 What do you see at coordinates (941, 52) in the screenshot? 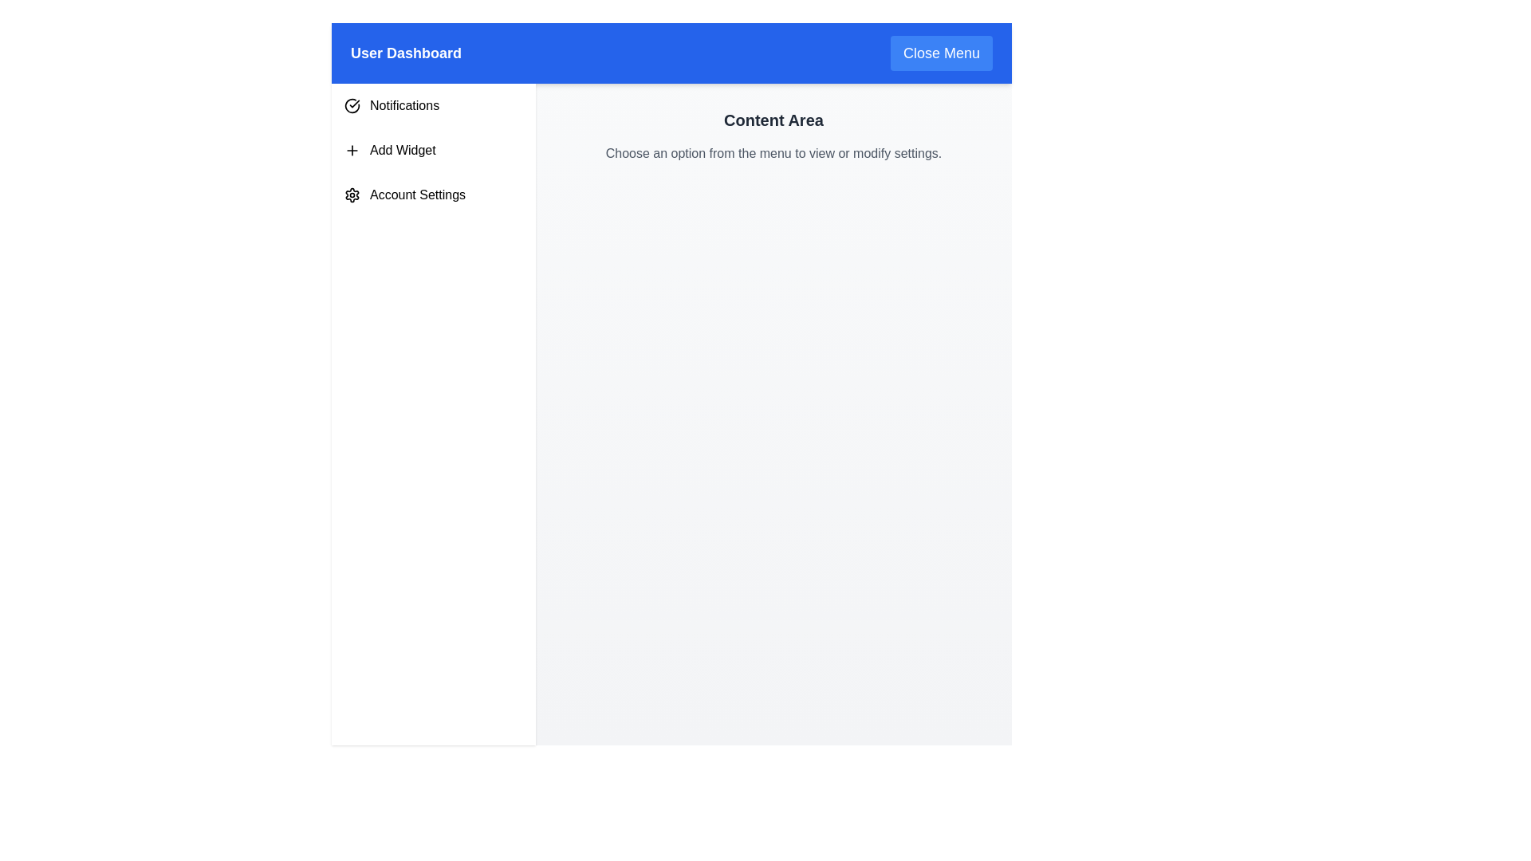
I see `the 'Close Menu' button, which is a rectangular button with a blue background and white text, located in the top-right section of the header next to 'User Dashboard'` at bounding box center [941, 52].